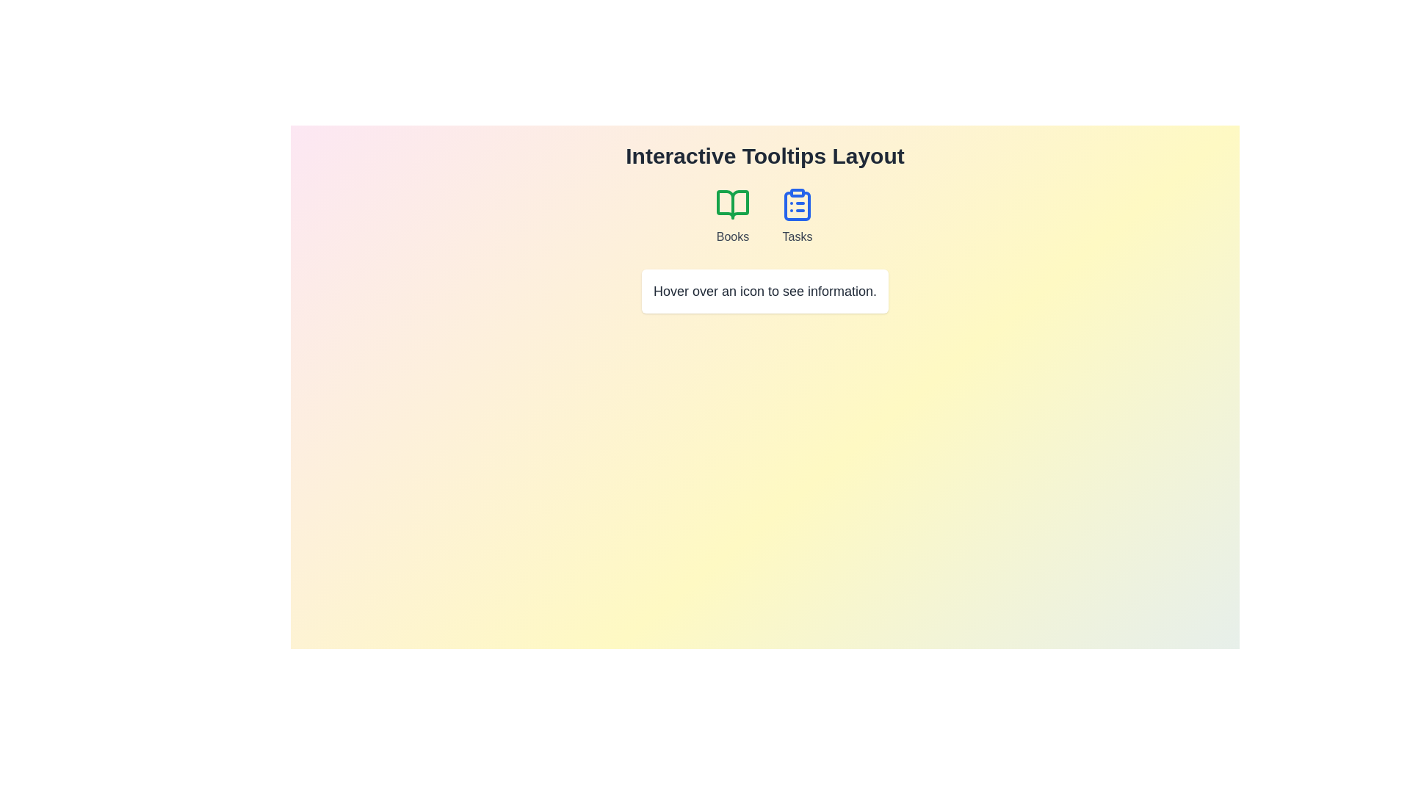 Image resolution: width=1410 pixels, height=793 pixels. I want to click on the 'Tasks' icon located in the upper center of the interface, so click(796, 204).